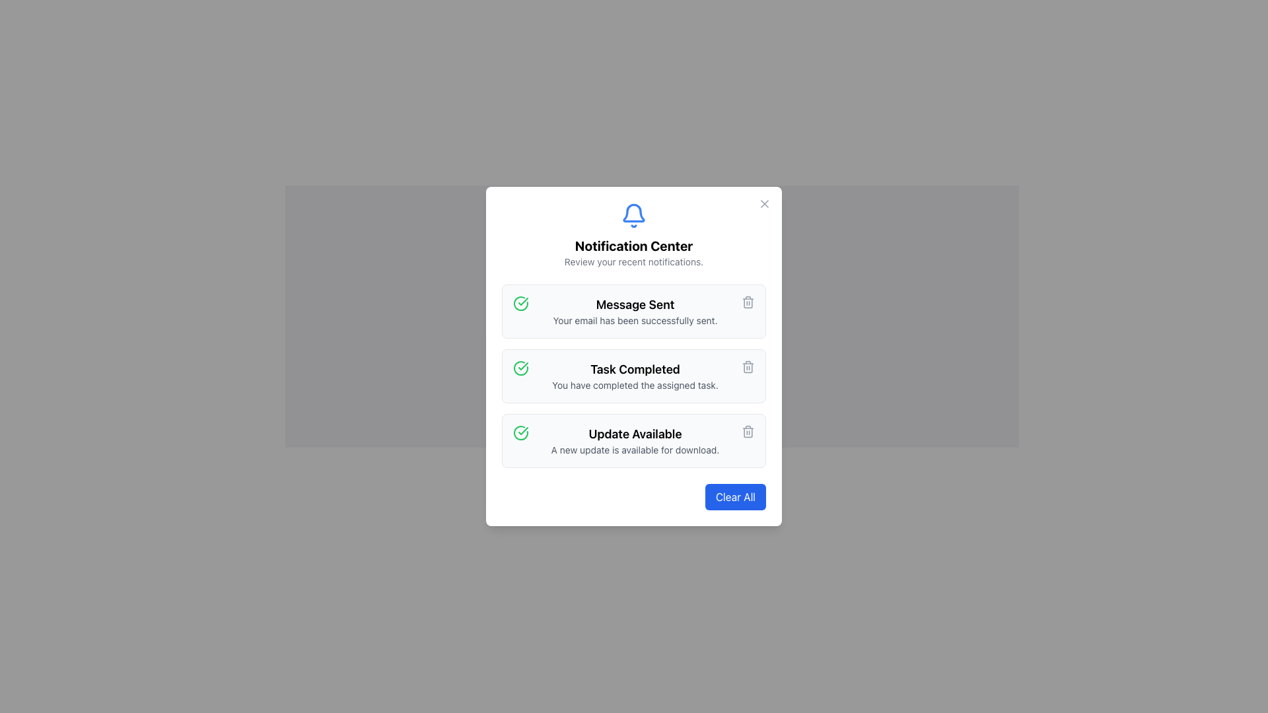 This screenshot has width=1268, height=713. I want to click on text label displaying 'A new update is available for download.' located underneath the 'Update Available' header in the notification card, so click(635, 450).